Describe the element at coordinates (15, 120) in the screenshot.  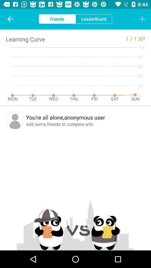
I see `item on the left` at that location.